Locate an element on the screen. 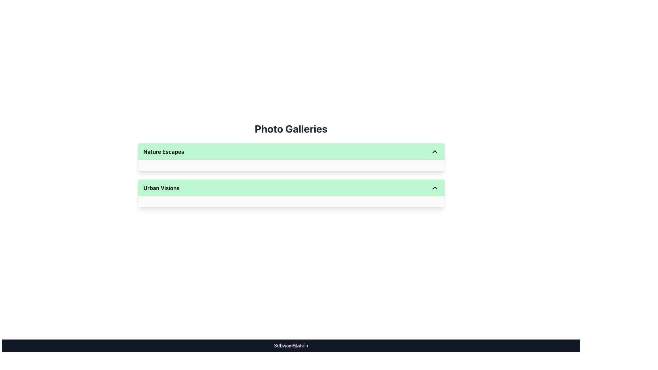 Image resolution: width=658 pixels, height=370 pixels. the icon that serves as a toggle for collapsing the 'Urban Visions' section, located at the far right of the green rectangular panel labeled 'Urban Visions' is located at coordinates (434, 188).